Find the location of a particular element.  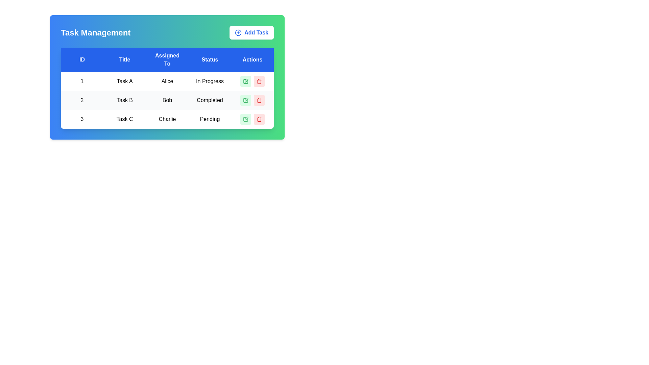

text of the Label element displaying 'Completed' in the Status category for Task B assigned to Bob, located in the fourth column of the second row is located at coordinates (209, 100).